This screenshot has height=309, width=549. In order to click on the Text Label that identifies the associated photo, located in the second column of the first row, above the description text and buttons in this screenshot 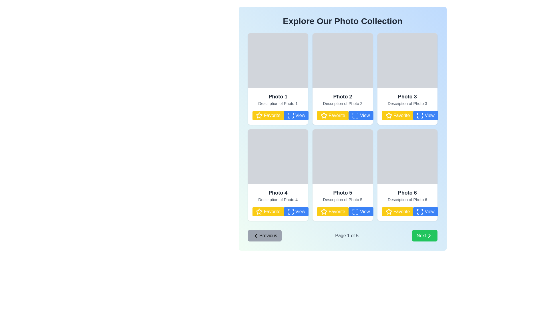, I will do `click(343, 96)`.